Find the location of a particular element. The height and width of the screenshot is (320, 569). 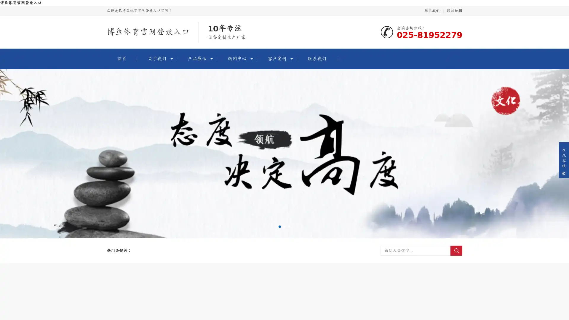

Go to slide 1 is located at coordinates (279, 226).